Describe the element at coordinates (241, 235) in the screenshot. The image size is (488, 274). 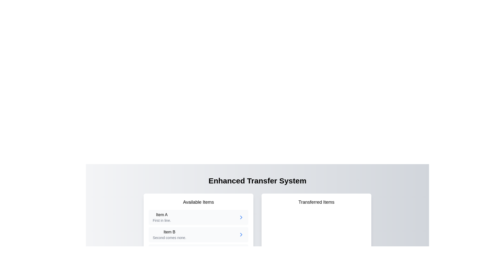
I see `the right-pointing arrow icon located next to 'Item B' in the 'Available Items' section` at that location.